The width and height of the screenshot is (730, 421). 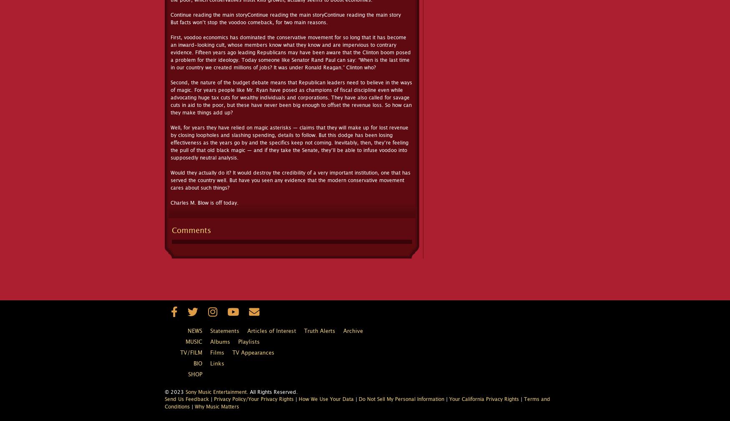 I want to click on 'Shop', so click(x=188, y=375).